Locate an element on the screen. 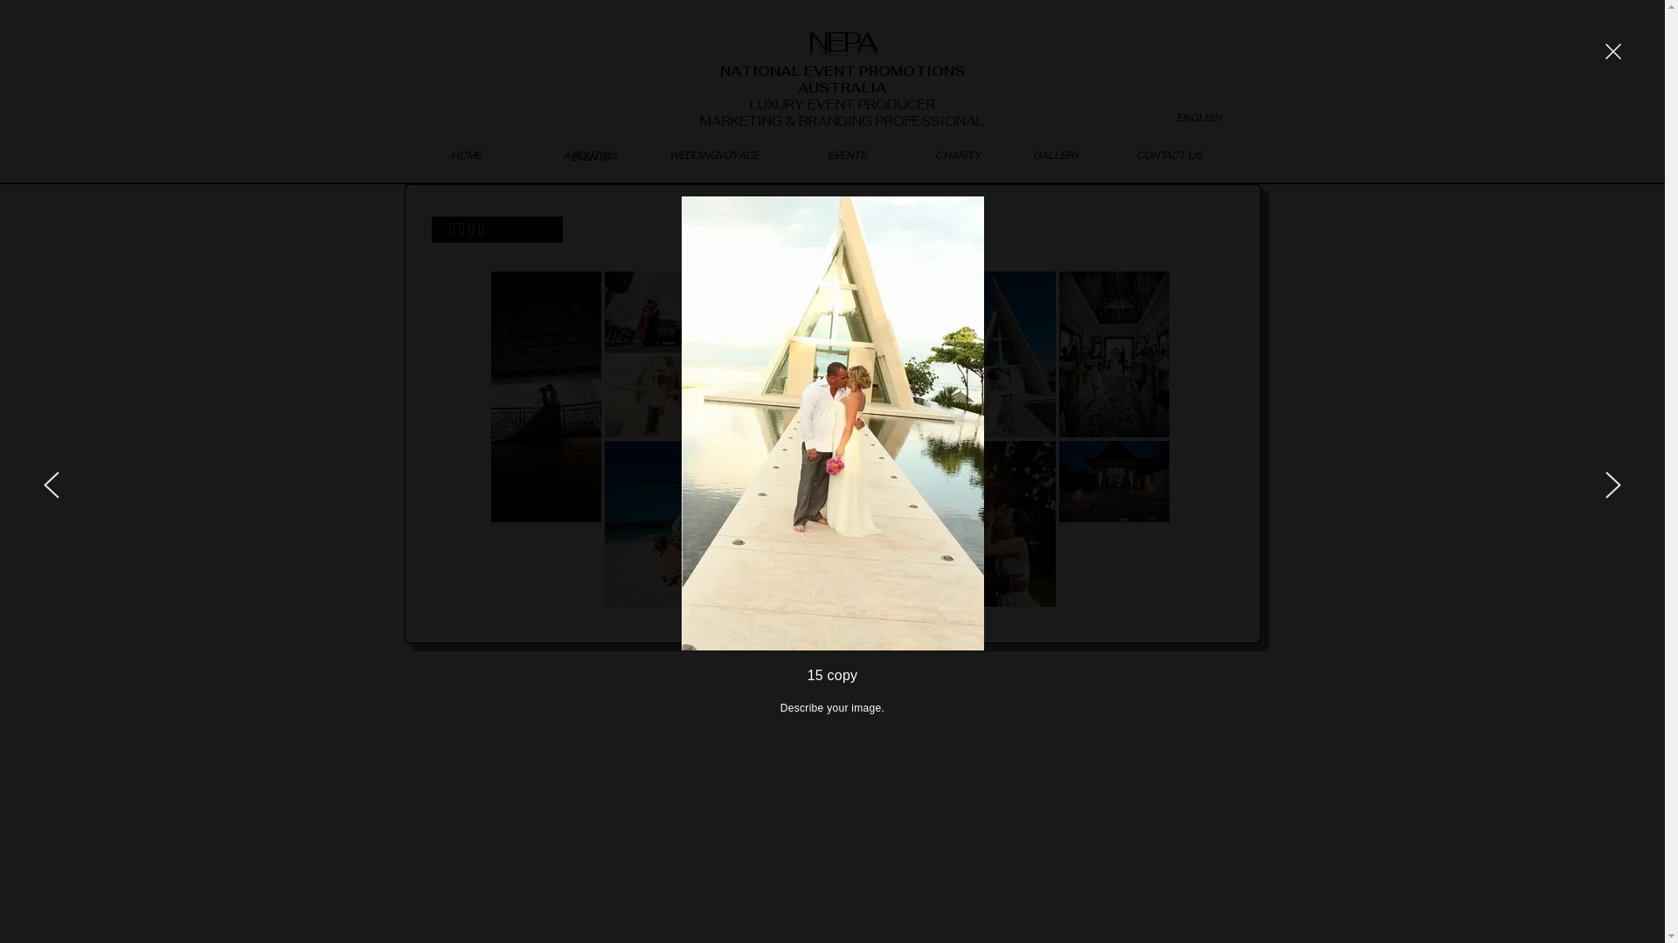  'ABOUT US' is located at coordinates (590, 154).